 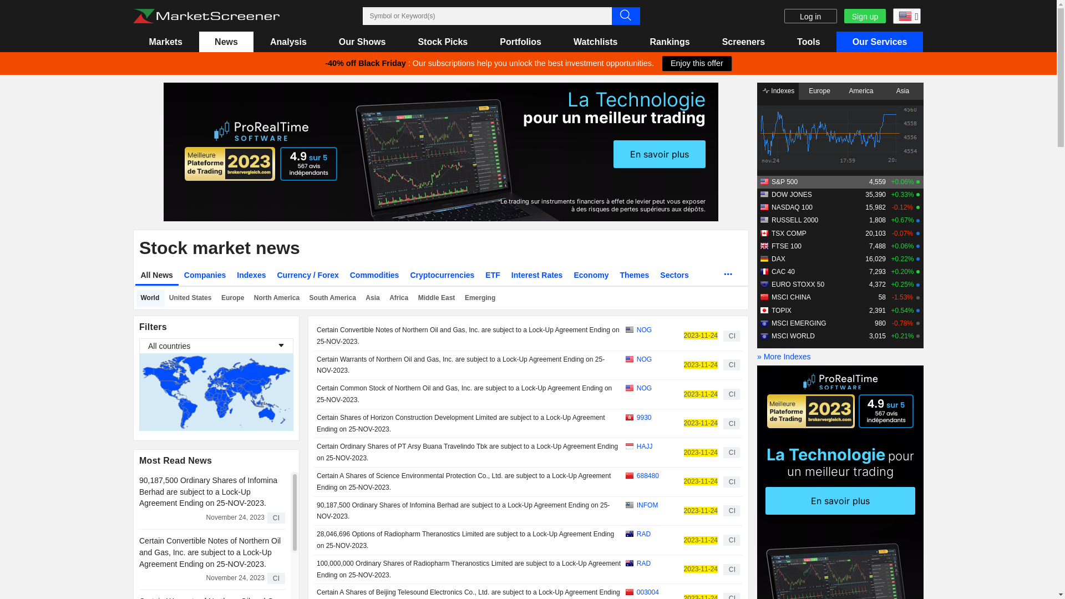 What do you see at coordinates (484, 41) in the screenshot?
I see `'Portfolios'` at bounding box center [484, 41].